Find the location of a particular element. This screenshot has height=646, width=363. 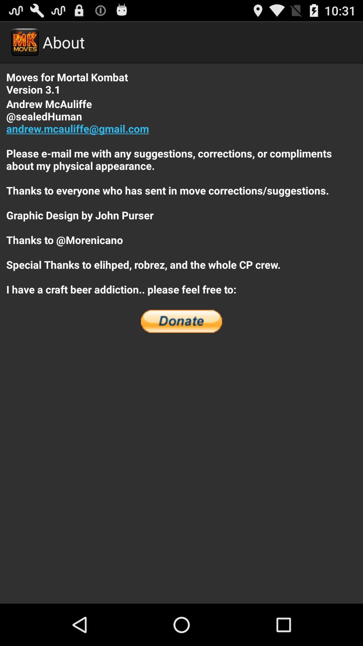

inidcating donate option is located at coordinates (182, 321).